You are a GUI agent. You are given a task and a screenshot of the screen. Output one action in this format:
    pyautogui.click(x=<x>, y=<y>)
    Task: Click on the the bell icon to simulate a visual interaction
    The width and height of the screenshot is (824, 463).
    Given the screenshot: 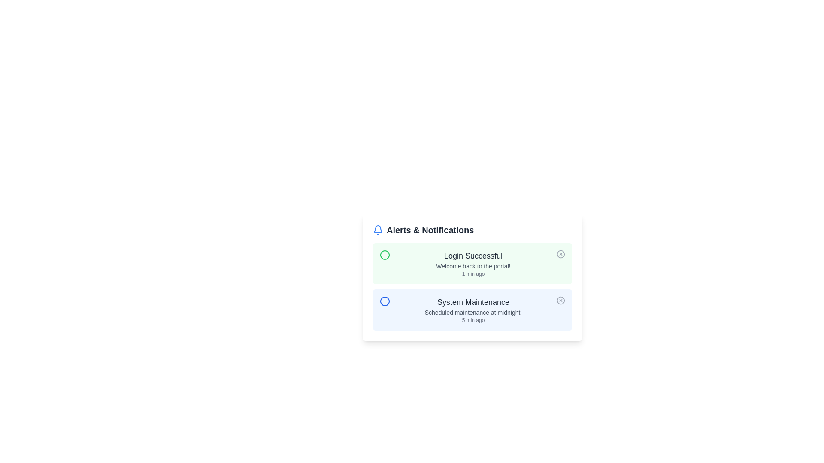 What is the action you would take?
    pyautogui.click(x=378, y=229)
    